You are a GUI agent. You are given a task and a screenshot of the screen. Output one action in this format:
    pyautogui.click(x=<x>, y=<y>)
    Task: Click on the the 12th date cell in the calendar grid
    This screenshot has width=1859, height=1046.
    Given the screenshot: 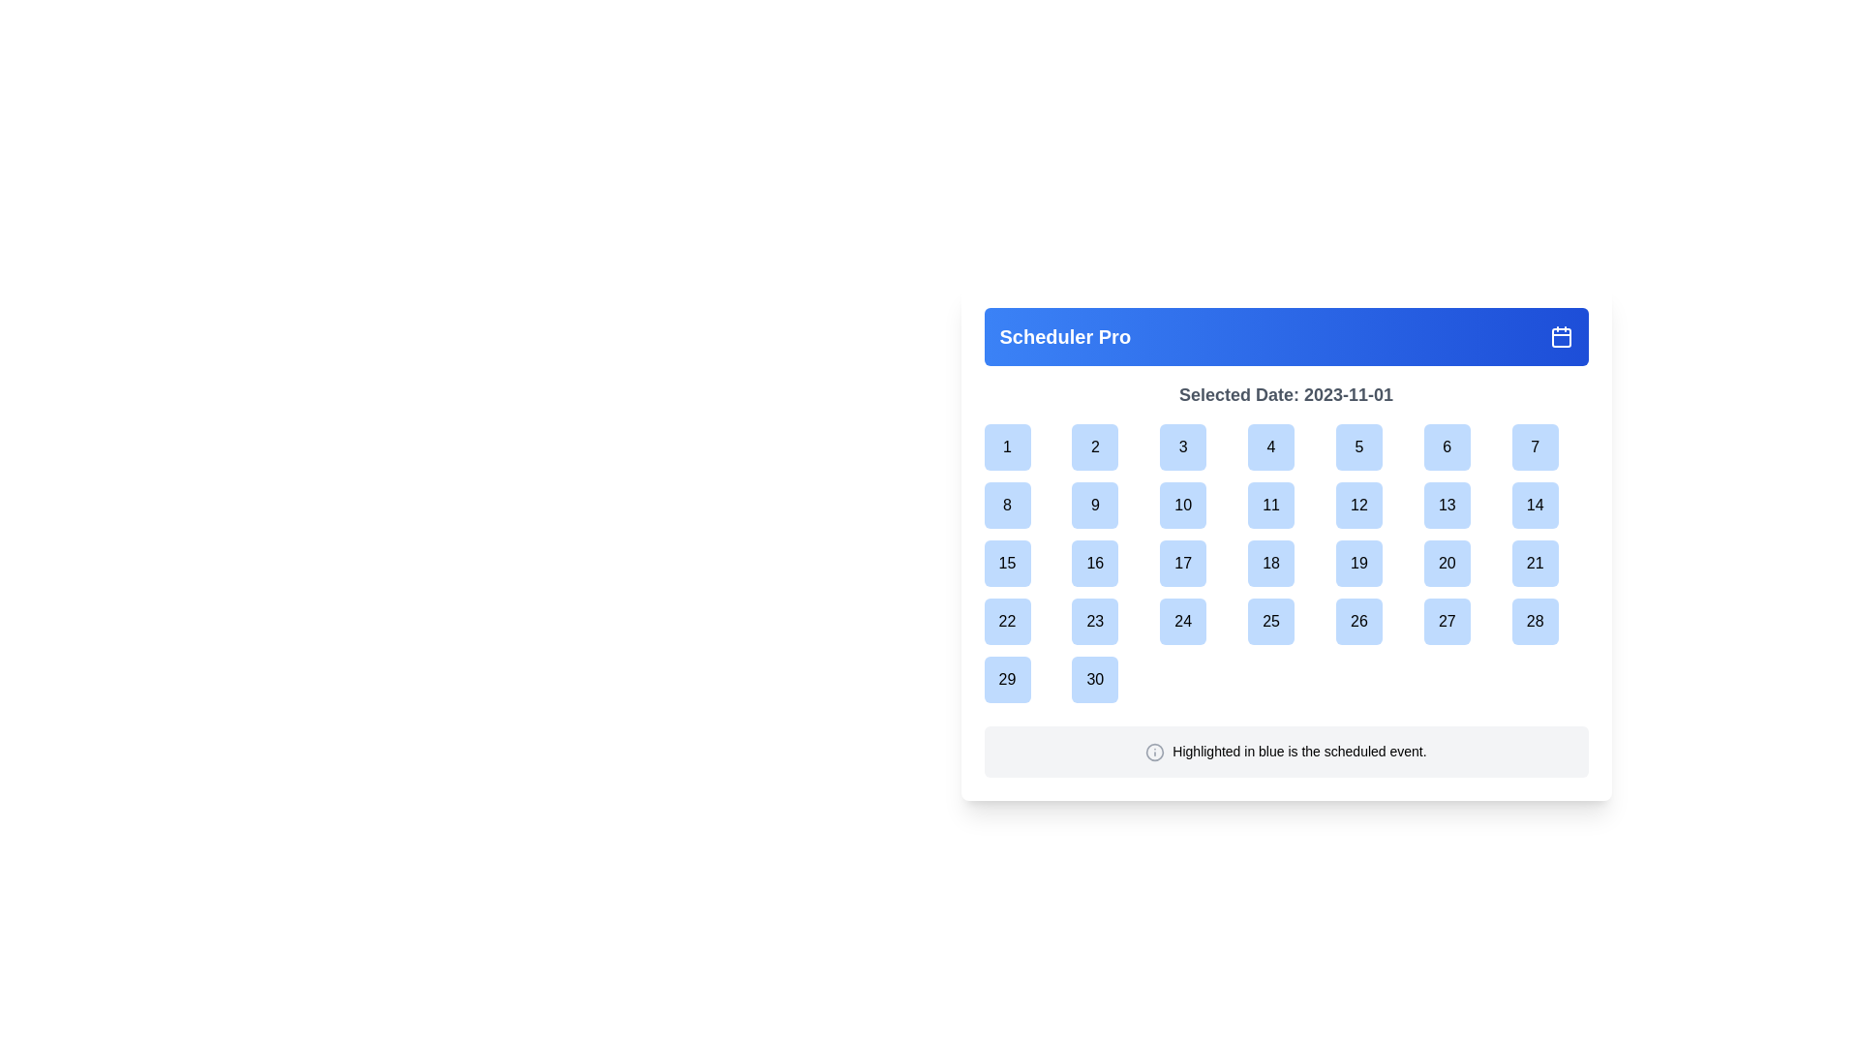 What is the action you would take?
    pyautogui.click(x=1373, y=504)
    